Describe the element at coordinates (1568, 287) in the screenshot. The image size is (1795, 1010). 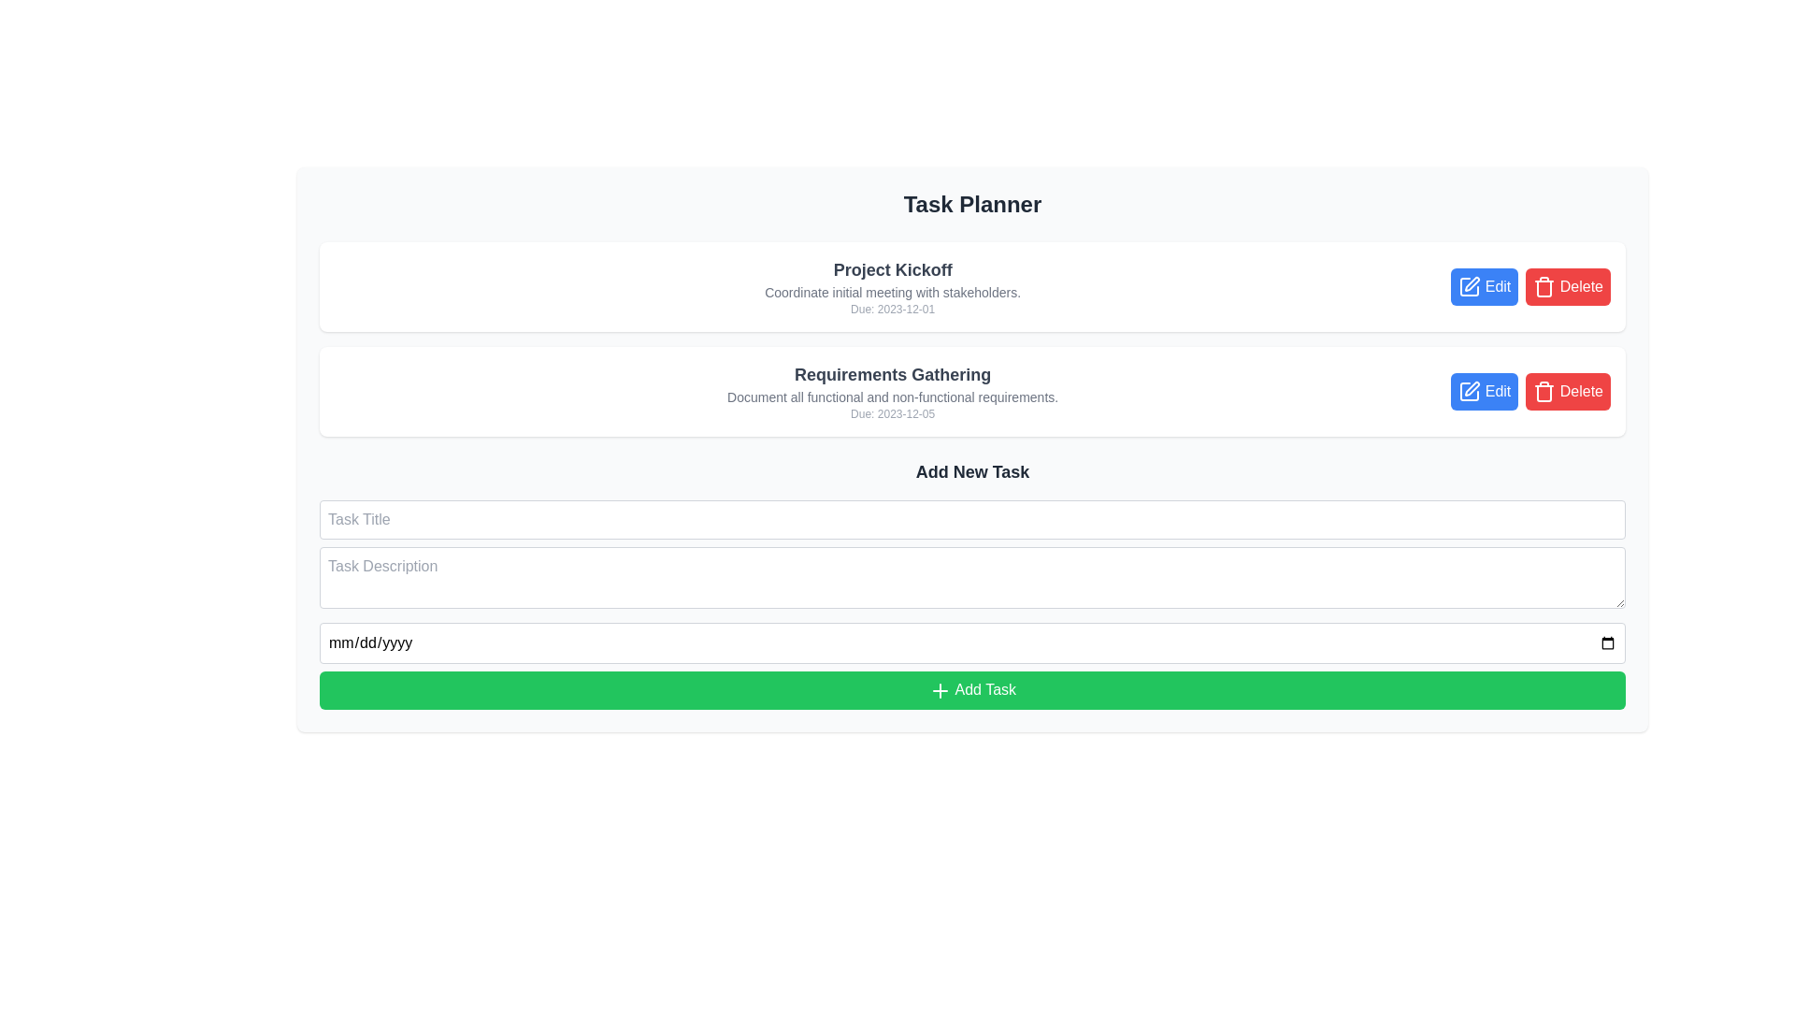
I see `the delete button located in the top-right of the task block, to the right of the 'Edit' button` at that location.